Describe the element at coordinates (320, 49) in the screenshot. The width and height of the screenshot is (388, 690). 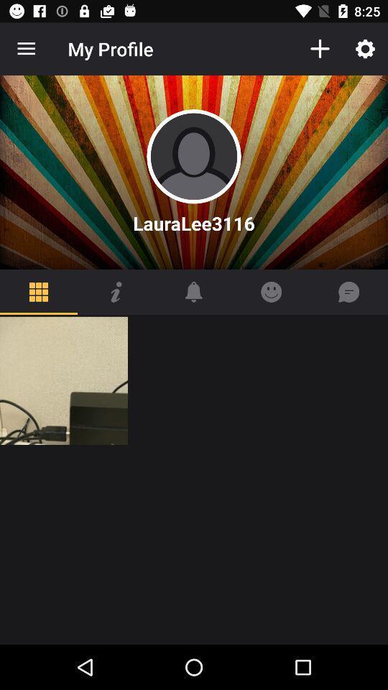
I see `icon next to my profile icon` at that location.